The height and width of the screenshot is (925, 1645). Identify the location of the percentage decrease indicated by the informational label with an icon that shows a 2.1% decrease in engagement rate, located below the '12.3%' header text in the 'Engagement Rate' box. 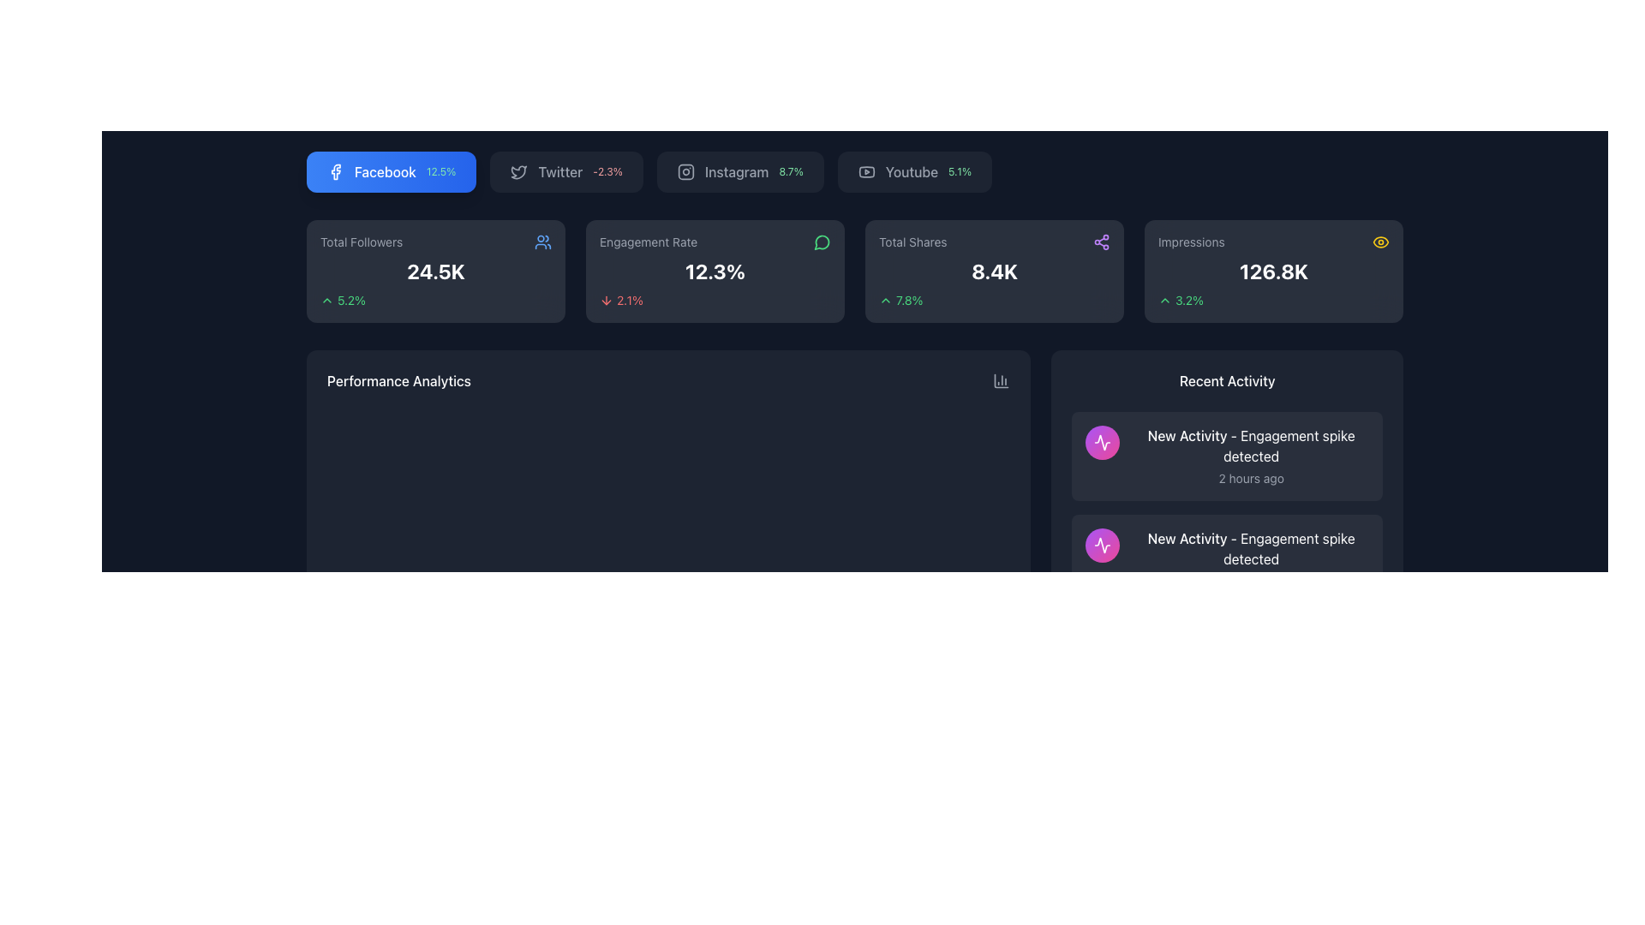
(715, 300).